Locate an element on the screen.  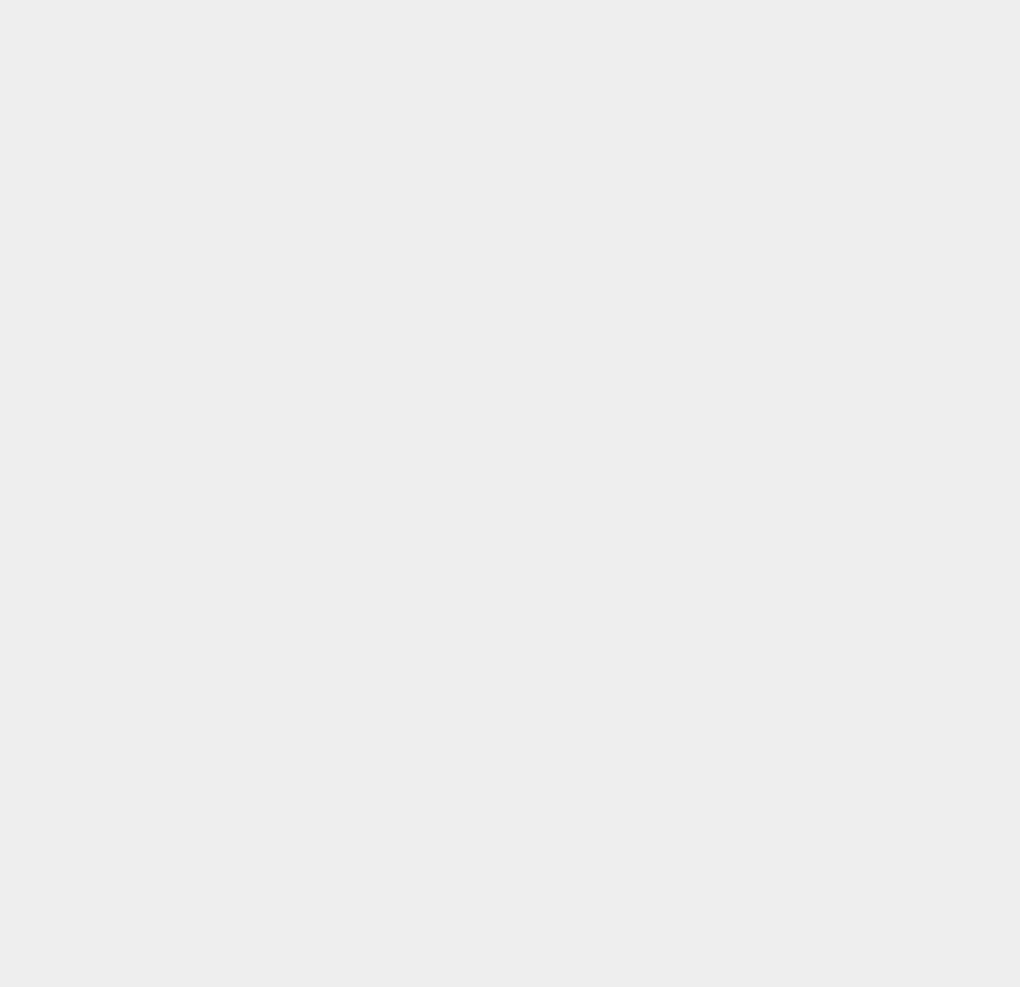
'Google Plus Pages' is located at coordinates (774, 415).